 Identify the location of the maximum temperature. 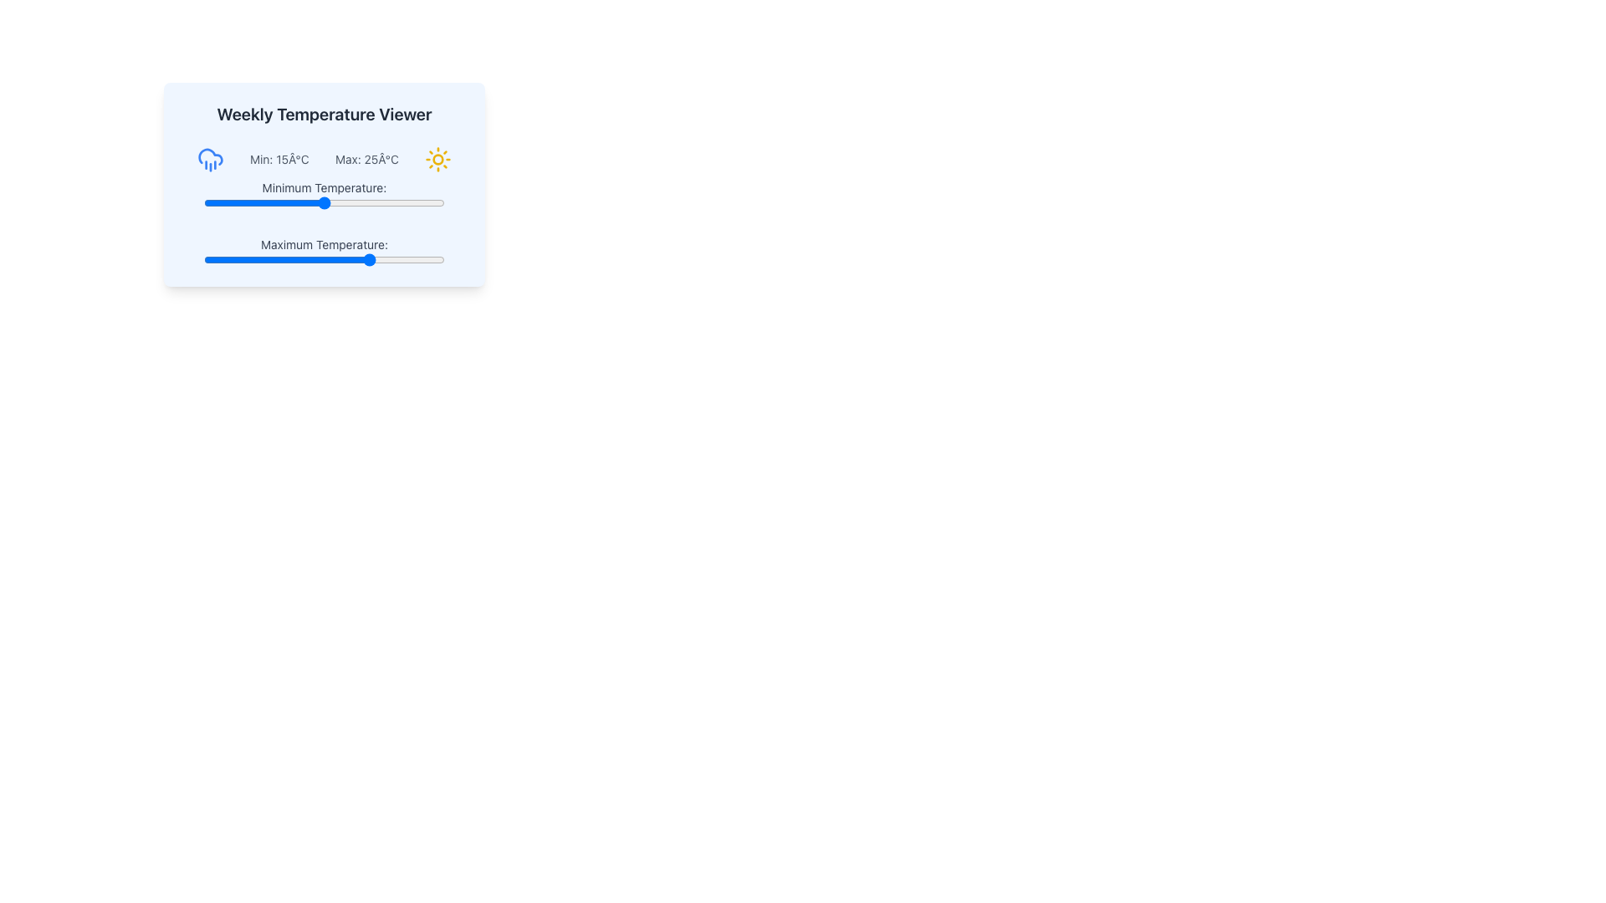
(271, 260).